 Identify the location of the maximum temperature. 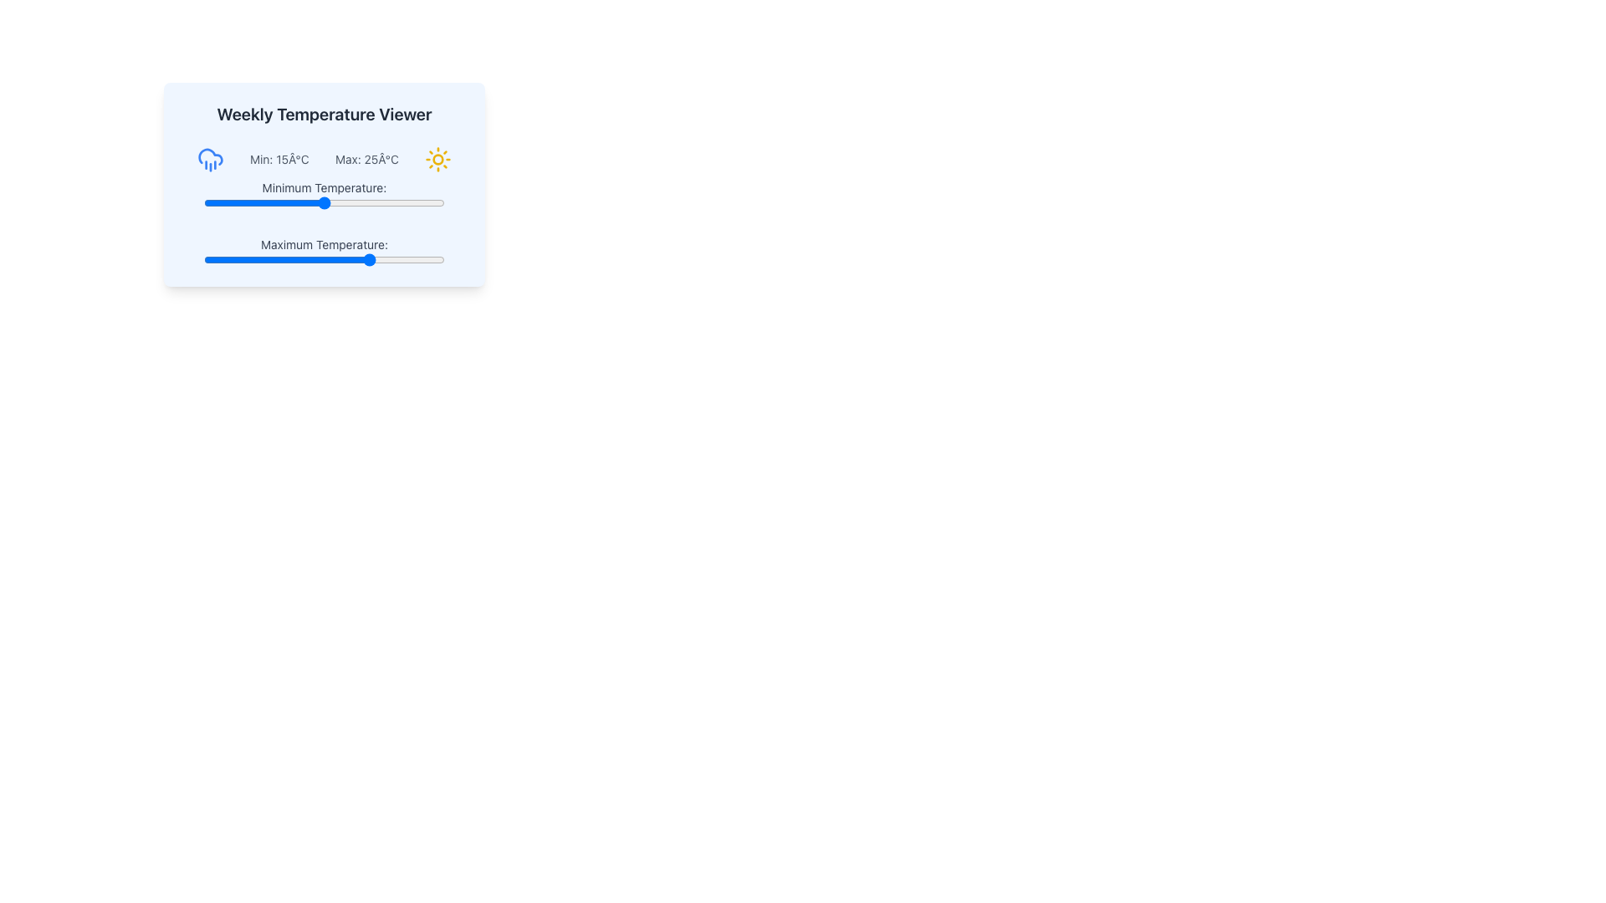
(271, 260).